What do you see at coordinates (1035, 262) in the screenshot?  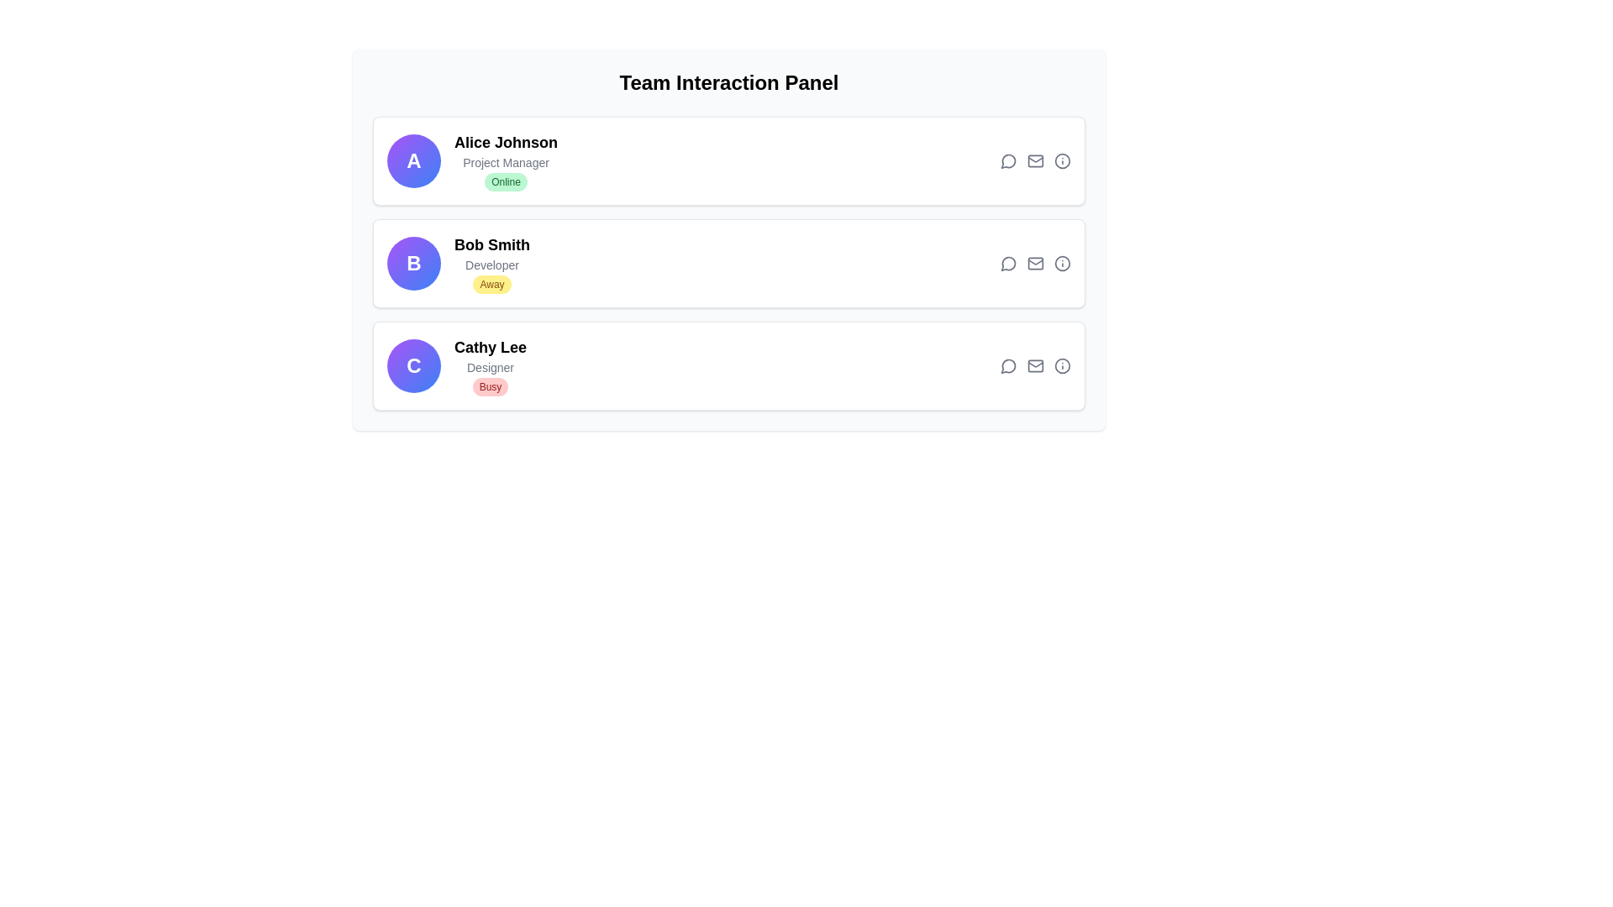 I see `the diagonal line element that represents an email envelope, located as the second icon from the left in the middle user's row` at bounding box center [1035, 262].